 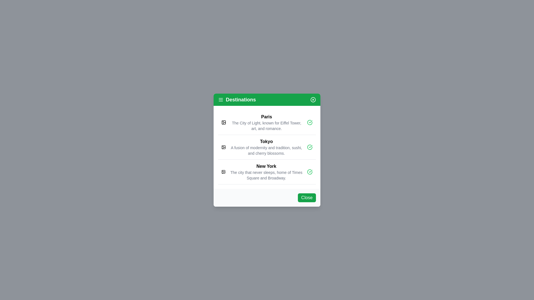 What do you see at coordinates (237, 99) in the screenshot?
I see `text 'Destinations' from the header section of the modal dialog, which includes a menu icon on the left and is located on a green background` at bounding box center [237, 99].